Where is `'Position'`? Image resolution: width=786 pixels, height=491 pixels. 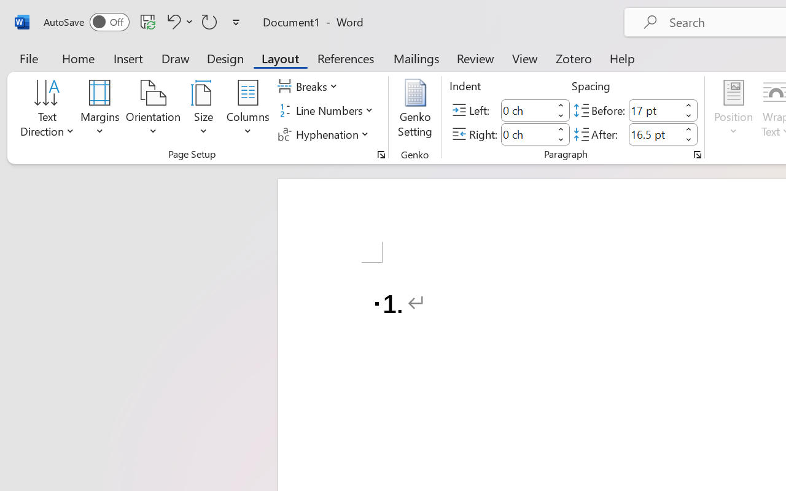 'Position' is located at coordinates (733, 110).